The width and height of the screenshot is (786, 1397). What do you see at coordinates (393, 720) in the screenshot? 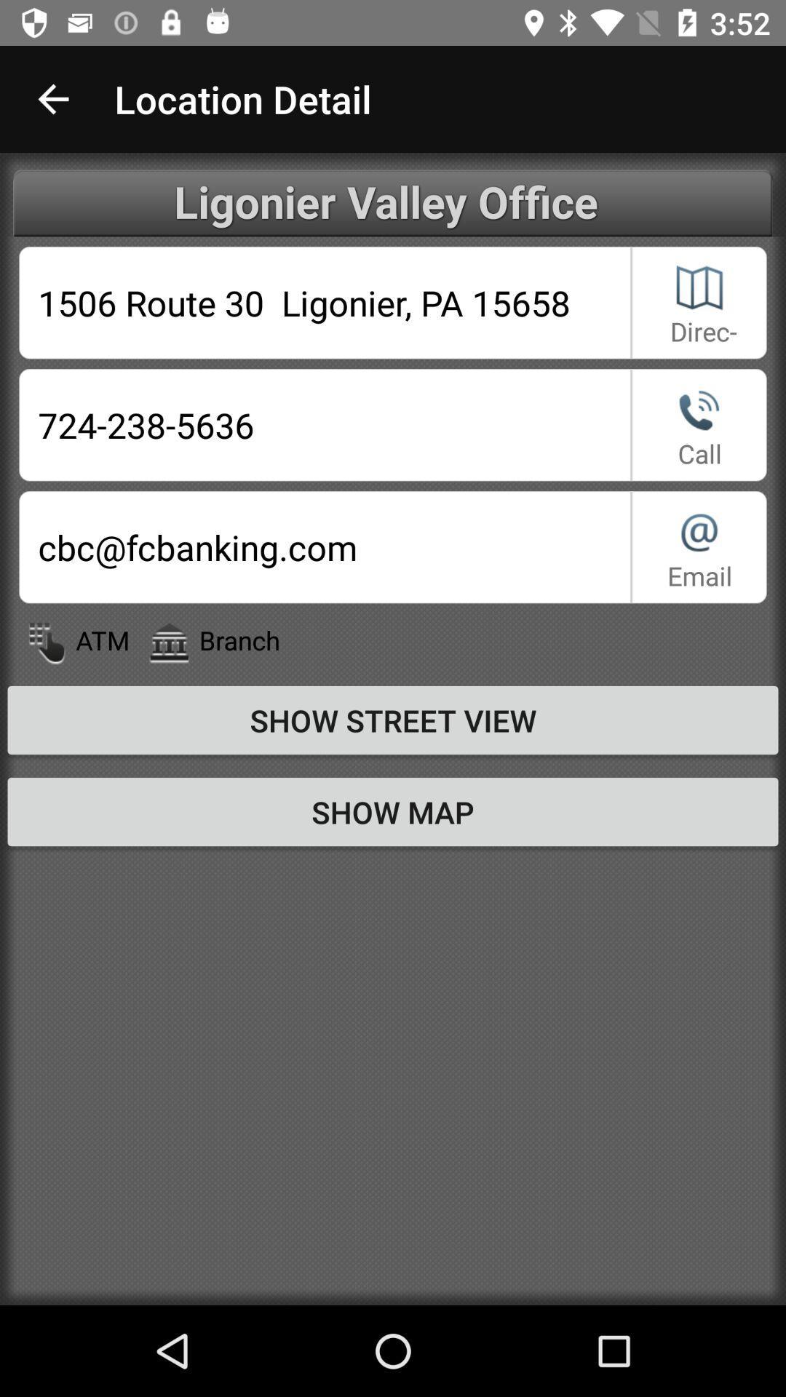
I see `the item above show map` at bounding box center [393, 720].